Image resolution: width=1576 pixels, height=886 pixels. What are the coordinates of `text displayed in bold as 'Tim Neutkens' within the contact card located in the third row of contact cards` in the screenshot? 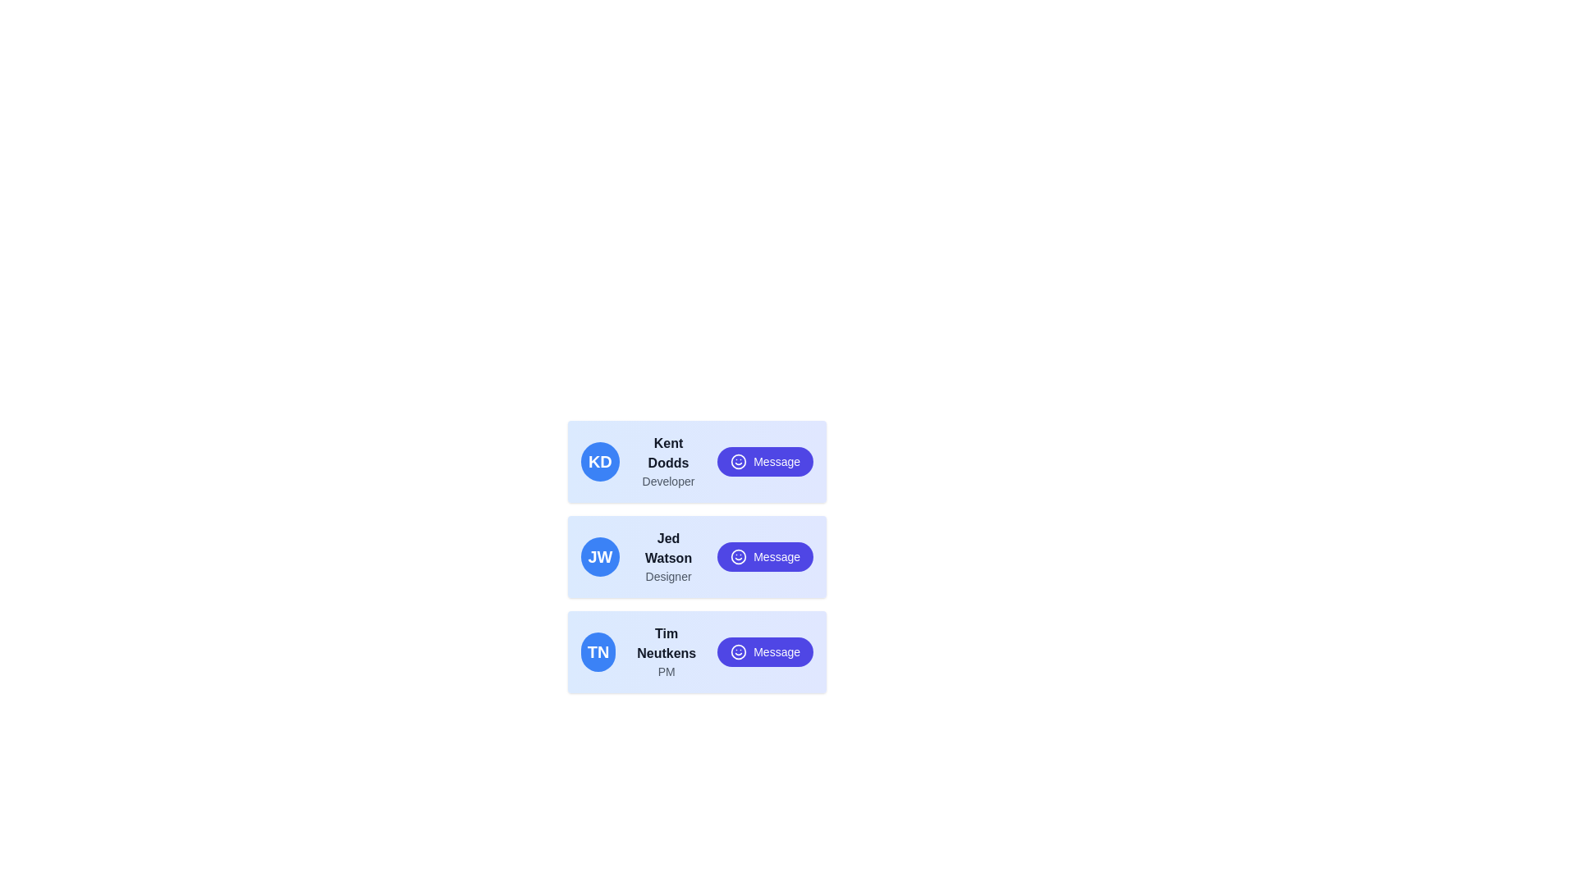 It's located at (667, 643).